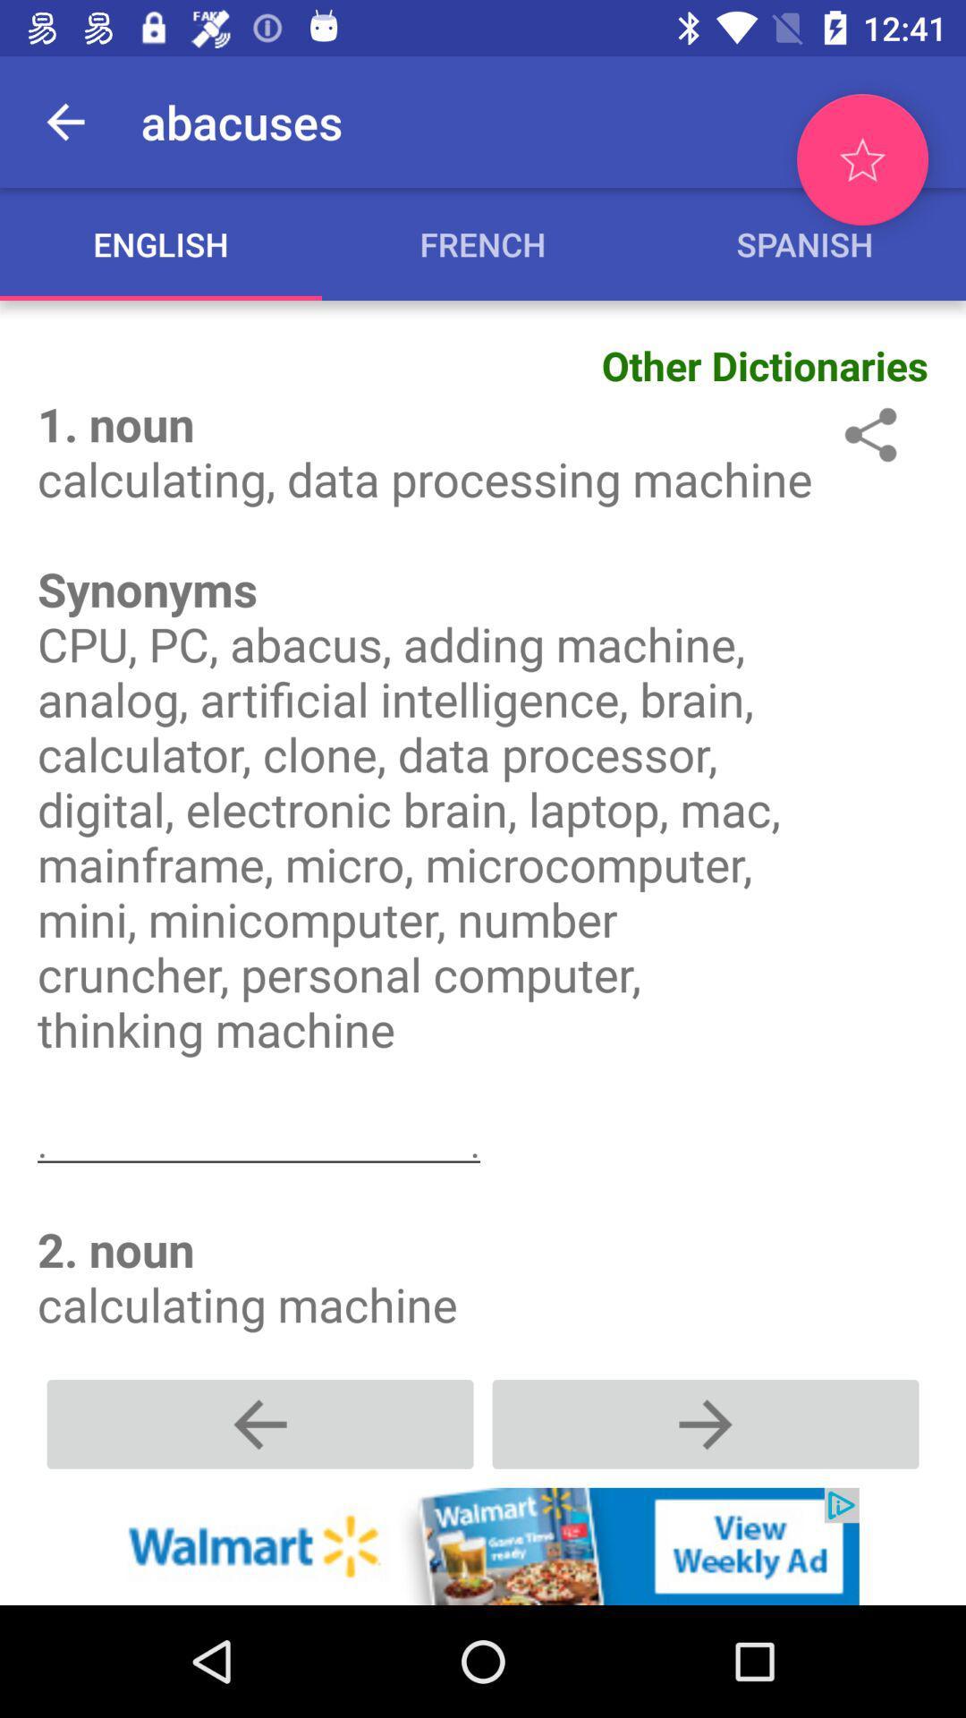 The image size is (966, 1718). What do you see at coordinates (259, 1423) in the screenshot?
I see `to move back` at bounding box center [259, 1423].